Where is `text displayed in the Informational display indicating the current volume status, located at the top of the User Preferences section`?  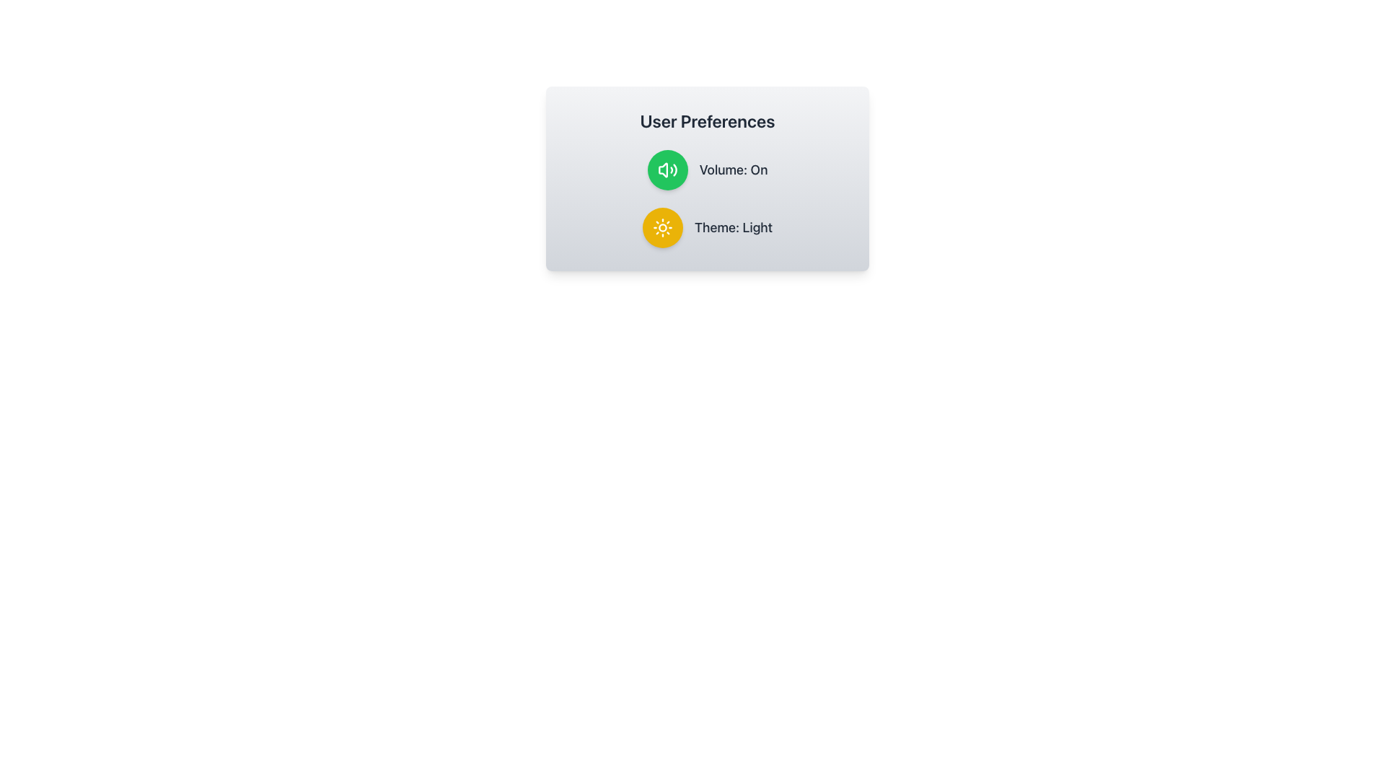 text displayed in the Informational display indicating the current volume status, located at the top of the User Preferences section is located at coordinates (707, 169).